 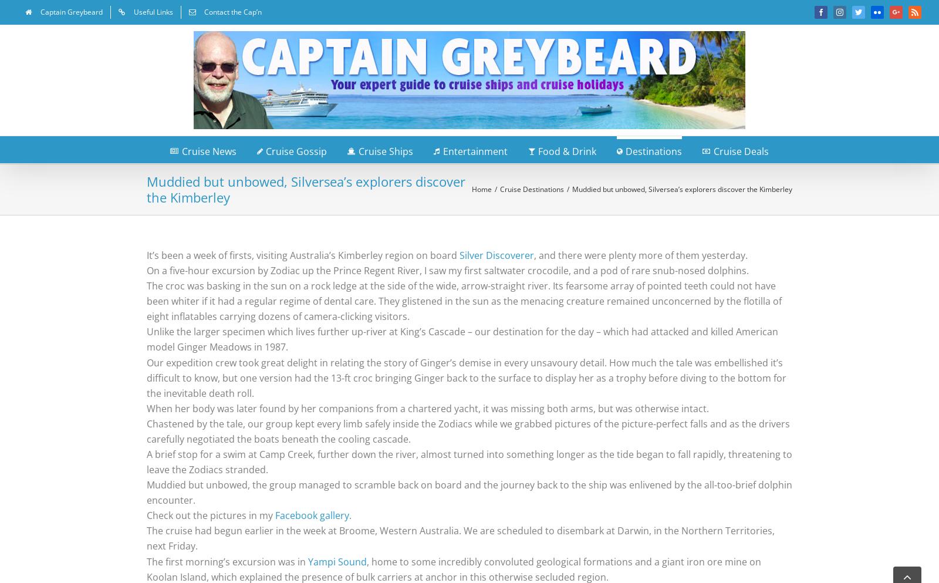 What do you see at coordinates (469, 461) in the screenshot?
I see `'A brief stop for a swim at Camp Creek, further down the river, almost turned into something longer as the tide began to fall rapidly, threatening to leave the Zodiacs stranded.'` at bounding box center [469, 461].